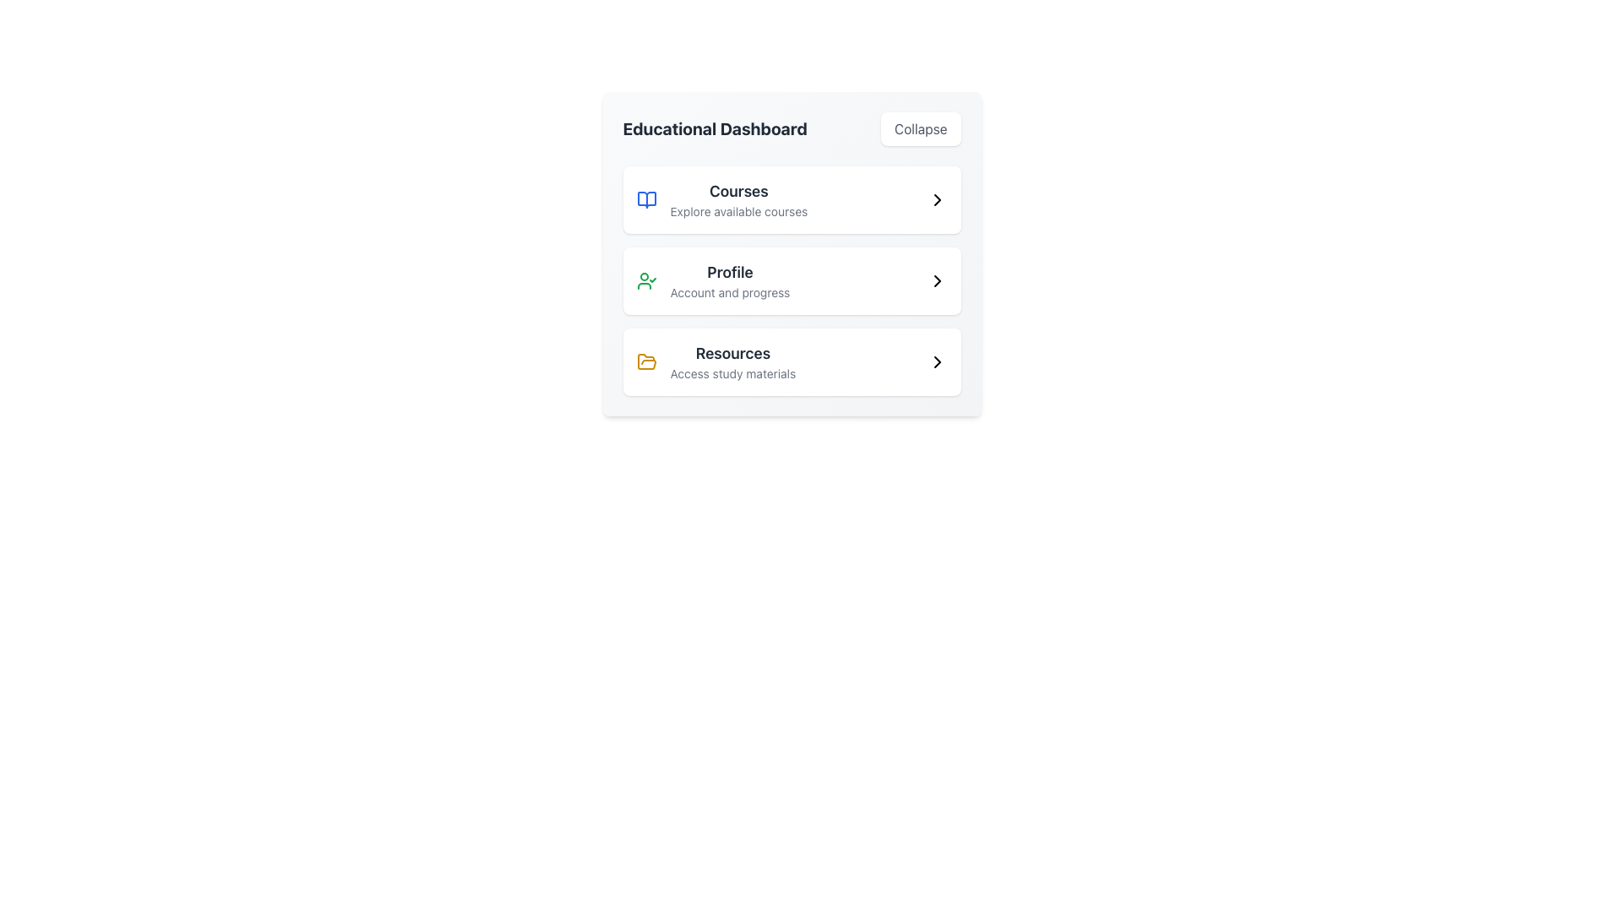  Describe the element at coordinates (791, 198) in the screenshot. I see `the navigation button for accessing courses in the Educational Dashboard` at that location.